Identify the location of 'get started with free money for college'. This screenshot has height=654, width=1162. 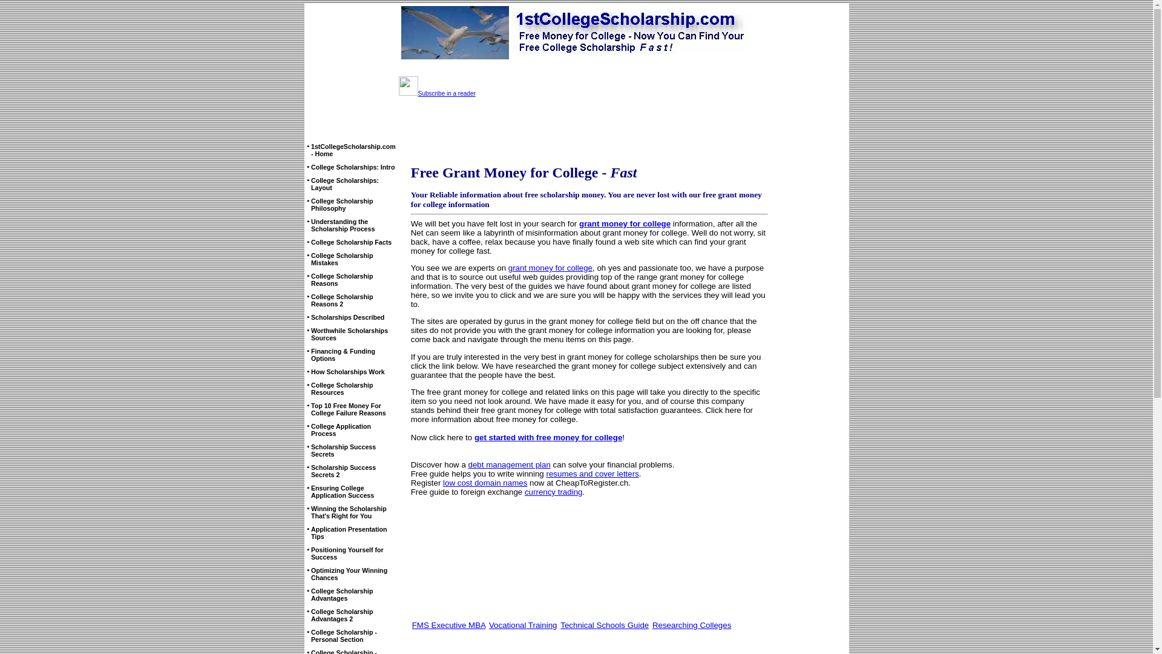
(548, 437).